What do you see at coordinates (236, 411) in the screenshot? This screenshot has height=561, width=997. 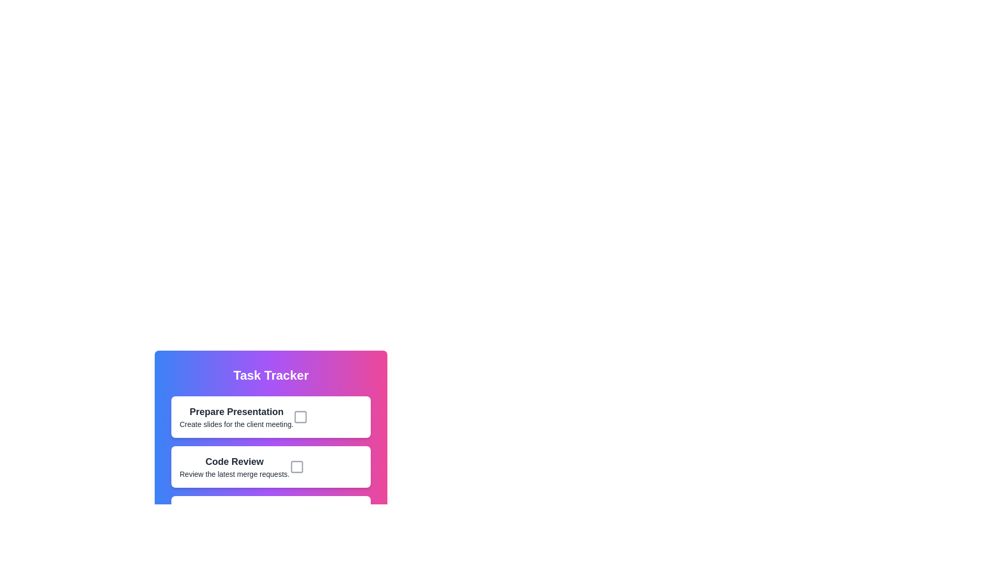 I see `text content of the title label for the task 'Prepare Presentation', which is the uppermost text element in the task block` at bounding box center [236, 411].